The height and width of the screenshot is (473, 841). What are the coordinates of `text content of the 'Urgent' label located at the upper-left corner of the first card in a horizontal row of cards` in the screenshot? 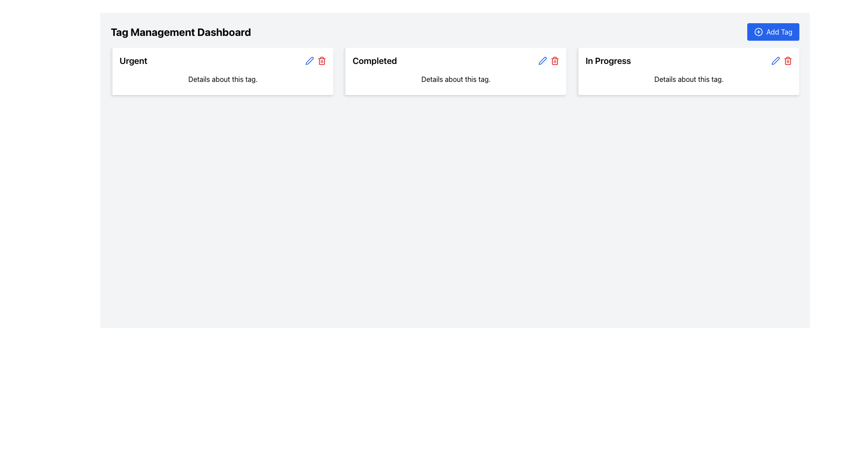 It's located at (133, 60).